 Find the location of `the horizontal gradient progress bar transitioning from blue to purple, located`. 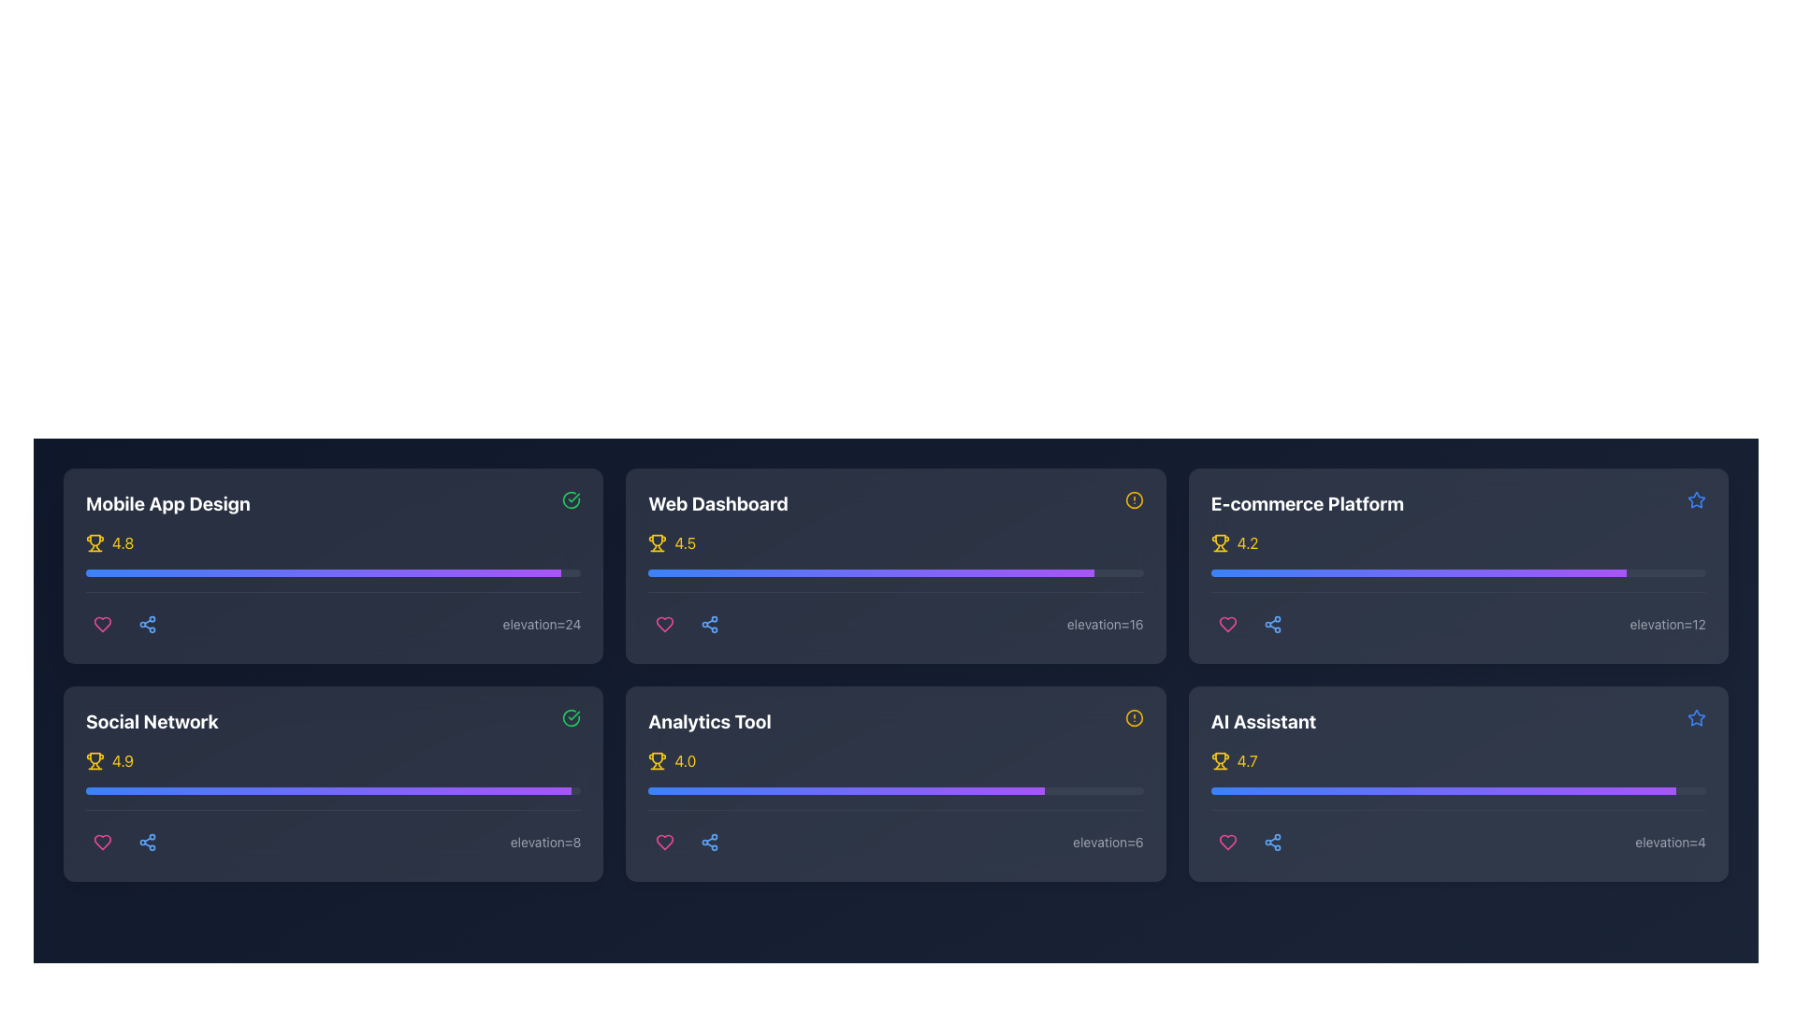

the horizontal gradient progress bar transitioning from blue to purple, located is located at coordinates (1418, 572).